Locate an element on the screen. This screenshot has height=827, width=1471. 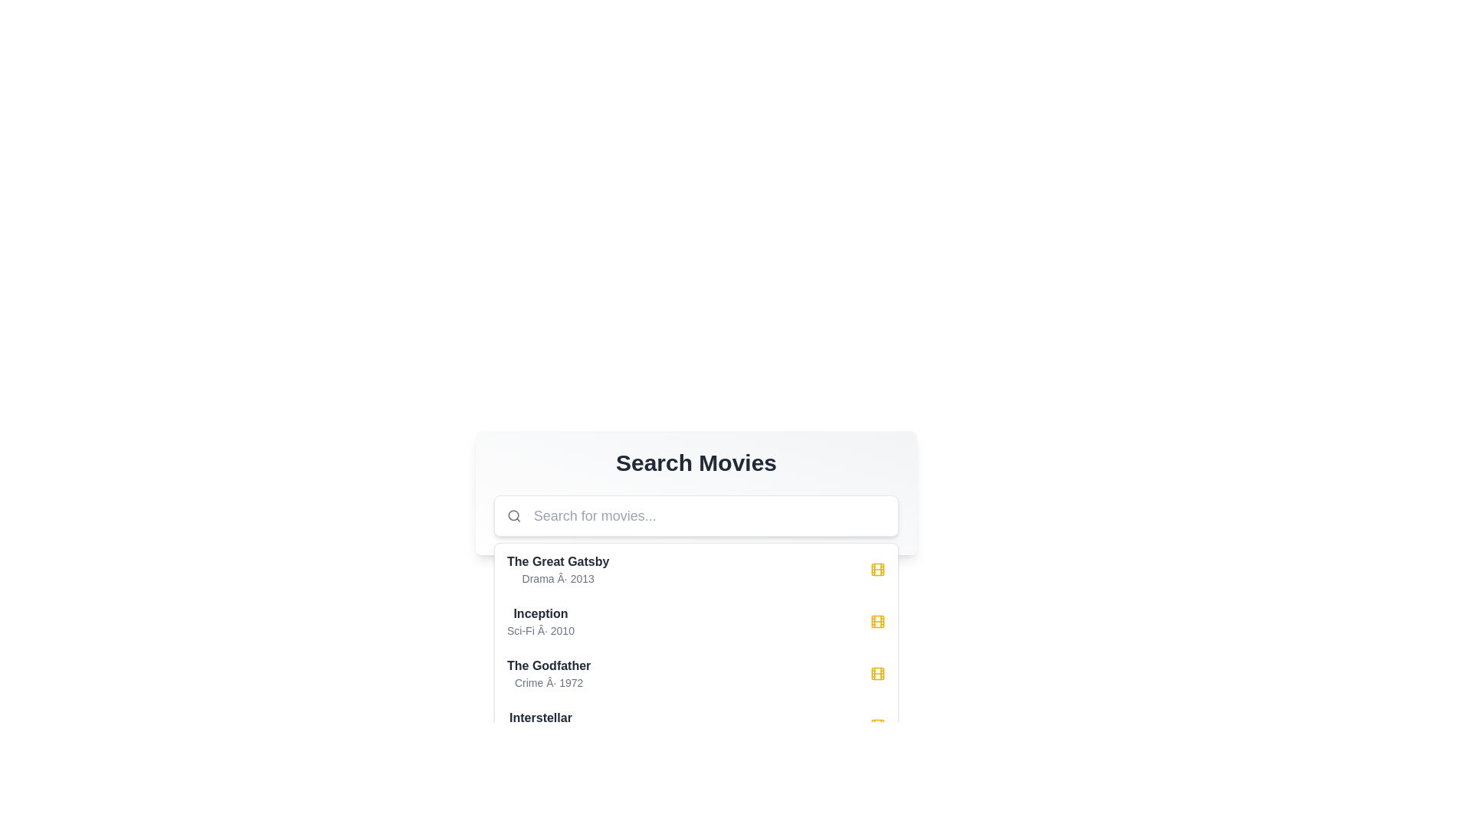
the icon representing the movie 'Inception' located at the far-right end of the movie listing row is located at coordinates (878, 622).